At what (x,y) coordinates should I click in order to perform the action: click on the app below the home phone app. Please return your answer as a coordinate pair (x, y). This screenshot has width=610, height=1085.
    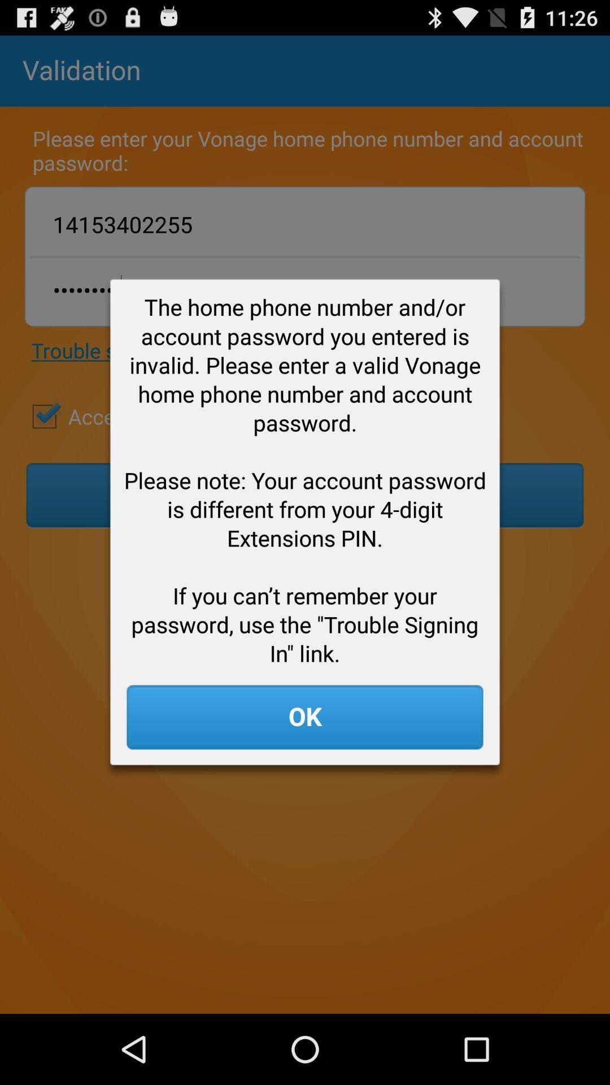
    Looking at the image, I should click on (305, 717).